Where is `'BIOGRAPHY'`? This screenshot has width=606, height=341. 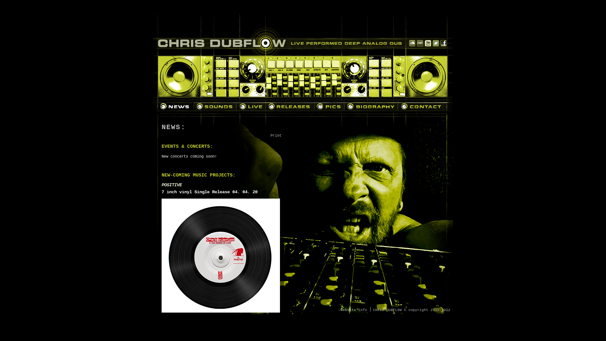
'BIOGRAPHY' is located at coordinates (344, 106).